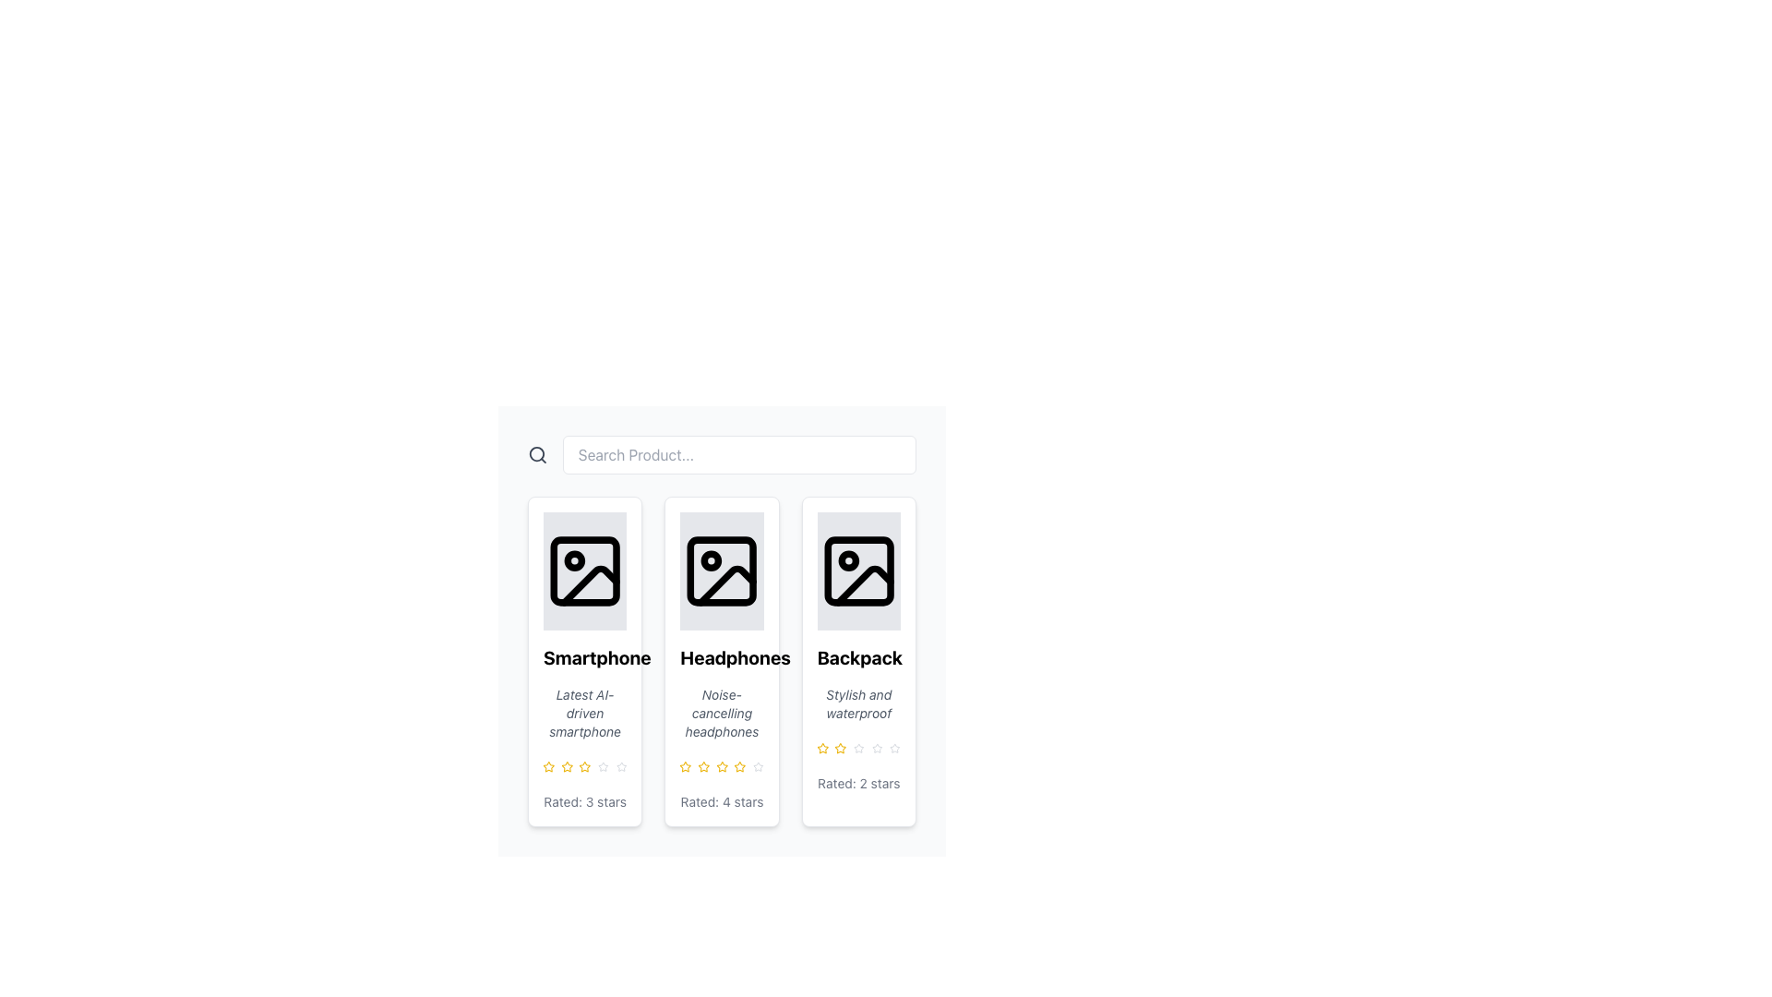  I want to click on the first product card in the grid layout, which represents a smartphone and is located at the top-left corner of the grid, so click(584, 661).